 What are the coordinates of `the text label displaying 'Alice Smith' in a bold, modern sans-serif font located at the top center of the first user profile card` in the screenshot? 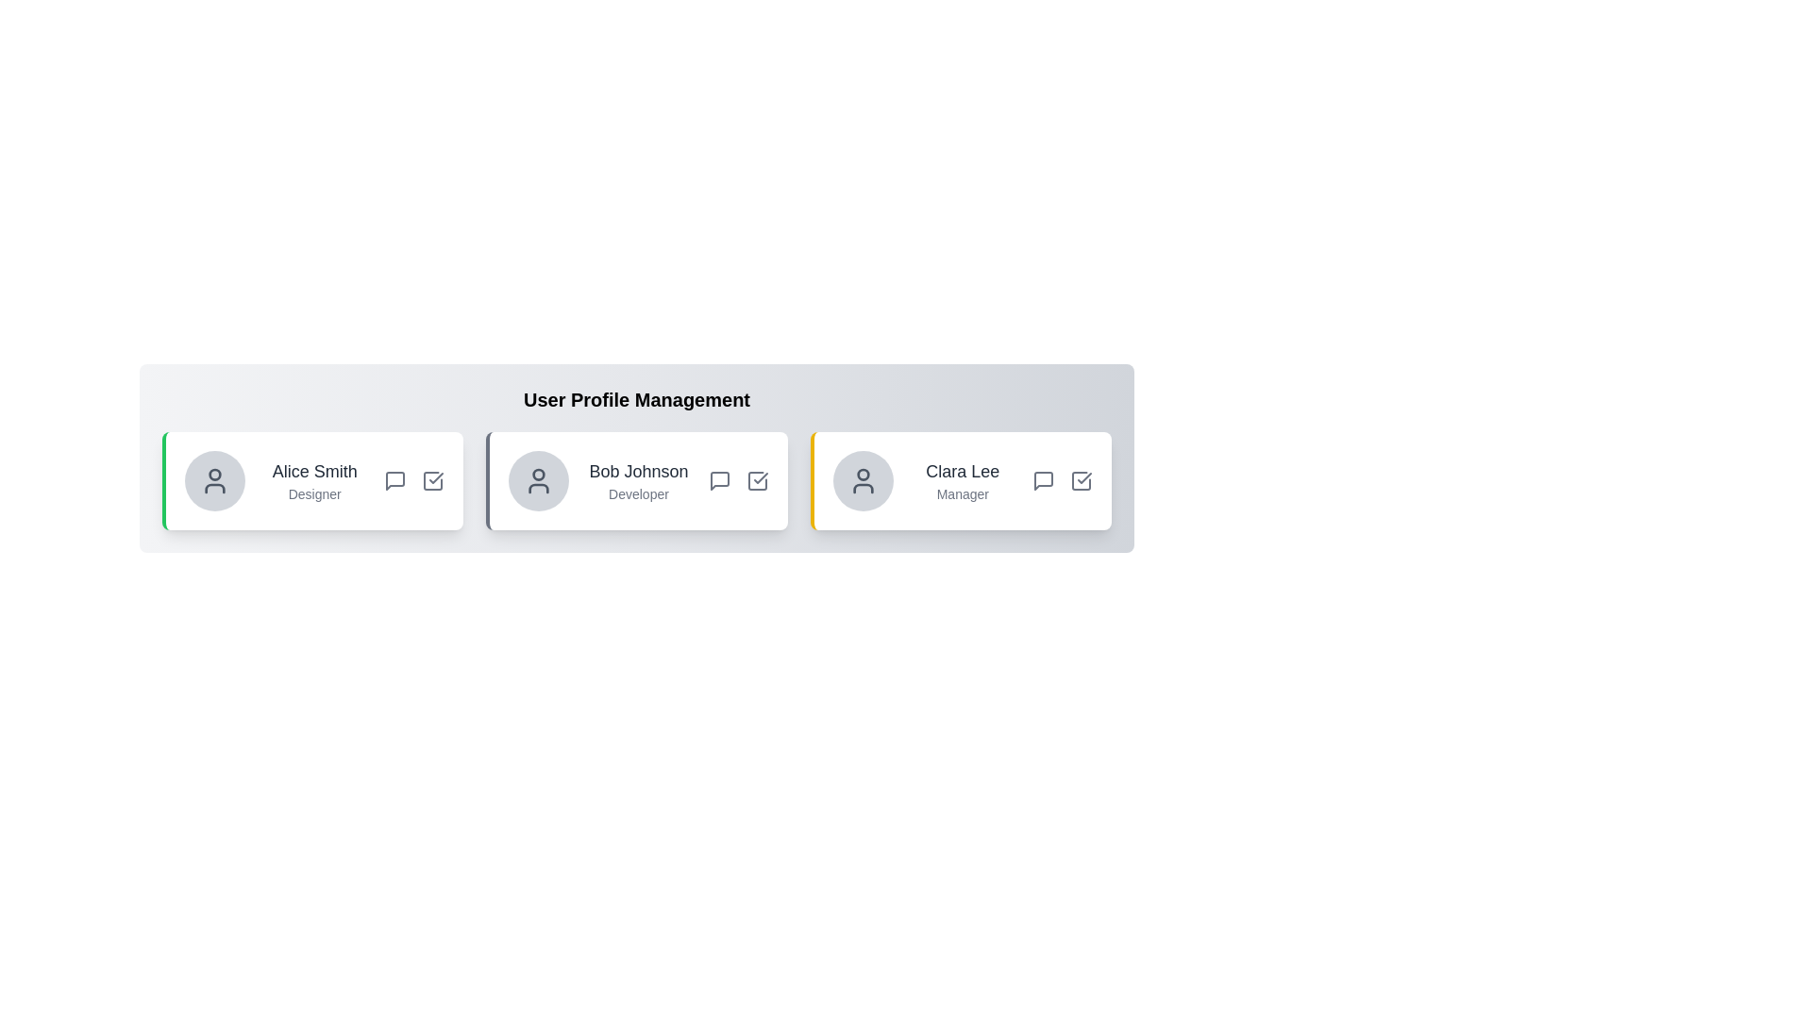 It's located at (314, 471).